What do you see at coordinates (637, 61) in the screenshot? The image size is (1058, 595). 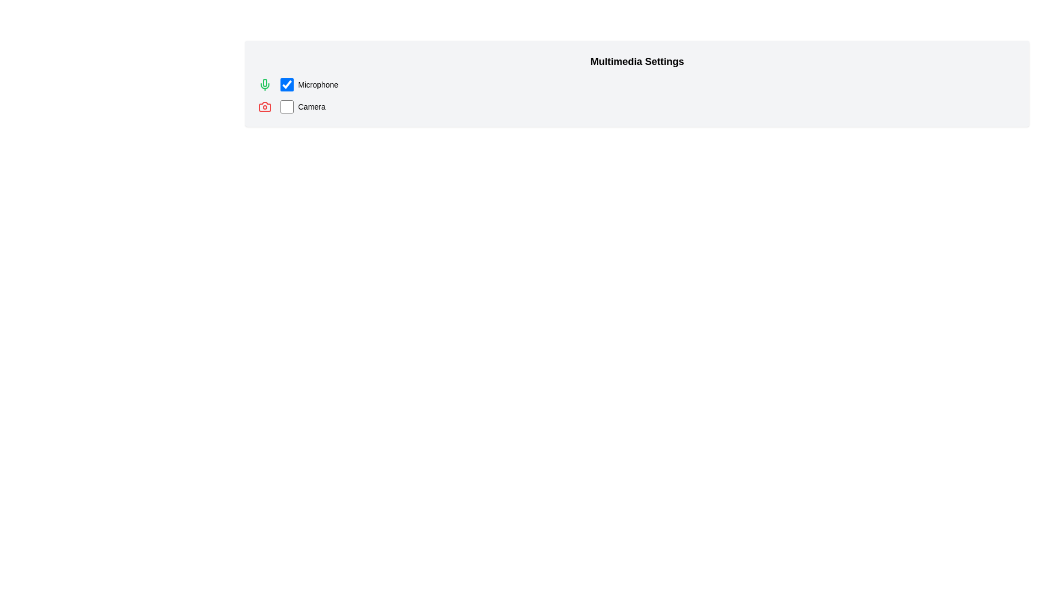 I see `header text indicating the purpose of the multimedia settings section, which is located at the top of a light gray panel above the Microphone and Camera settings` at bounding box center [637, 61].